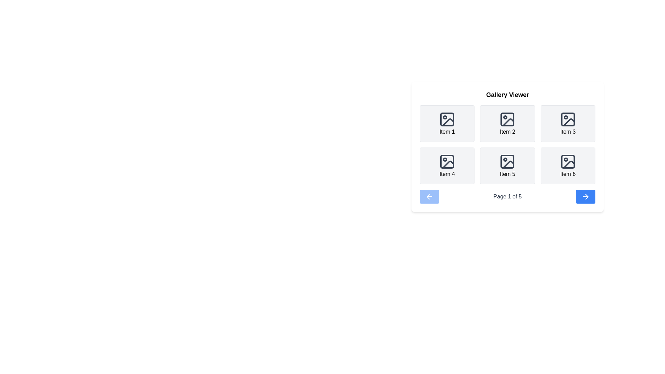  I want to click on the Card component labeled 'Item 5', which has a light gray background and rounded corners, from its position in the second row and second column of the grid, so click(507, 166).